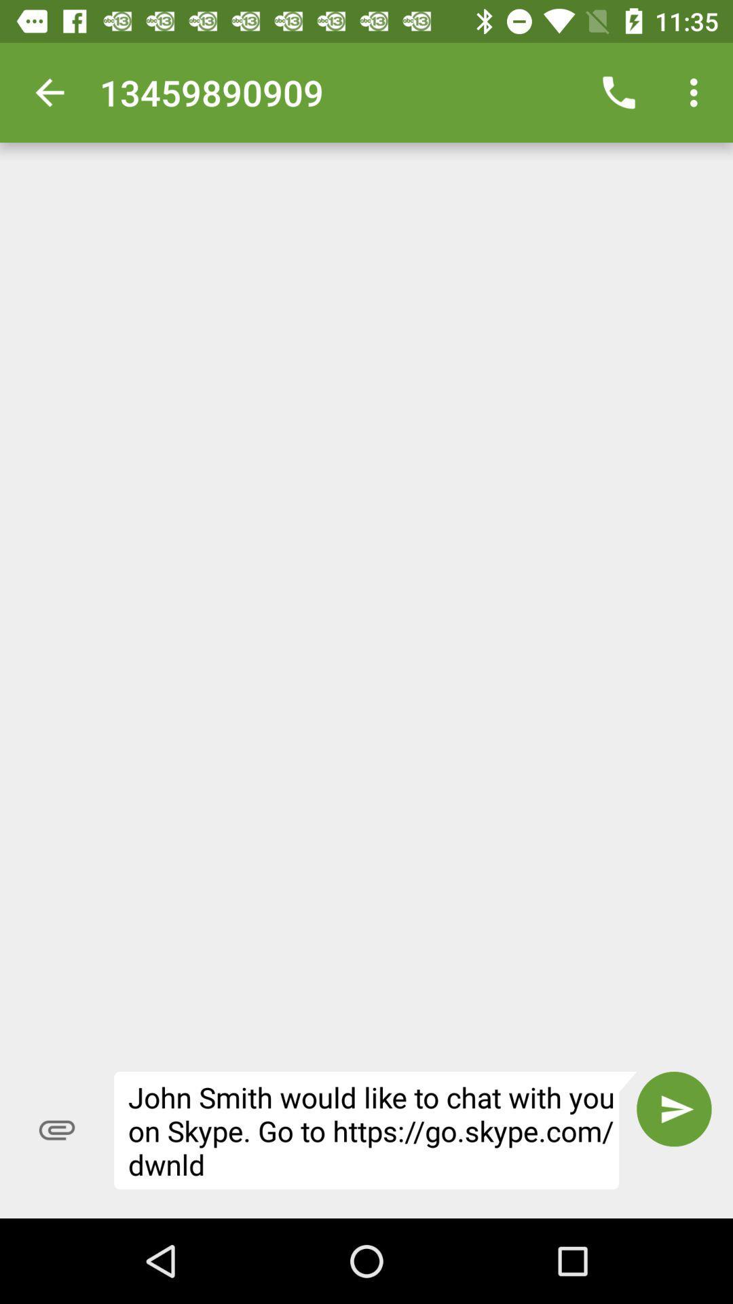 Image resolution: width=733 pixels, height=1304 pixels. I want to click on the icon next to john smith would item, so click(674, 1109).